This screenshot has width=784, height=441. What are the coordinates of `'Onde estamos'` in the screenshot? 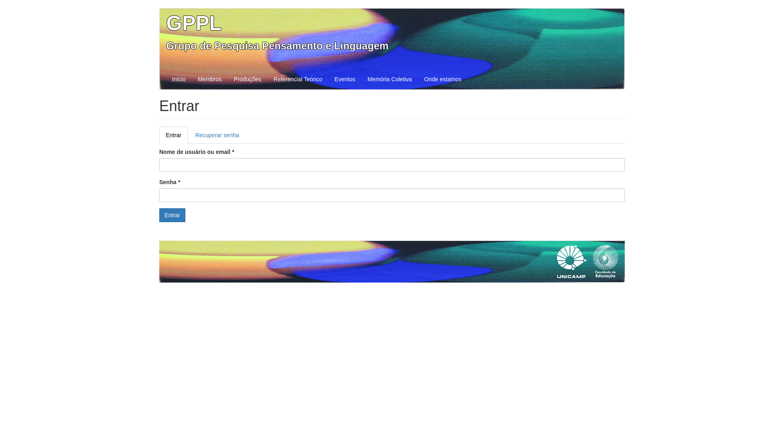 It's located at (442, 79).